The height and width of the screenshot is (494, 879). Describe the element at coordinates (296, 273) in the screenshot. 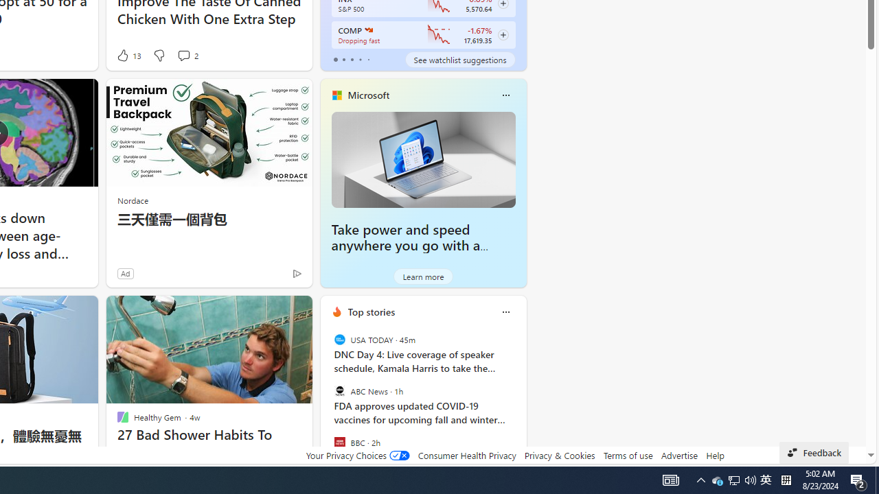

I see `'Ad Choice'` at that location.